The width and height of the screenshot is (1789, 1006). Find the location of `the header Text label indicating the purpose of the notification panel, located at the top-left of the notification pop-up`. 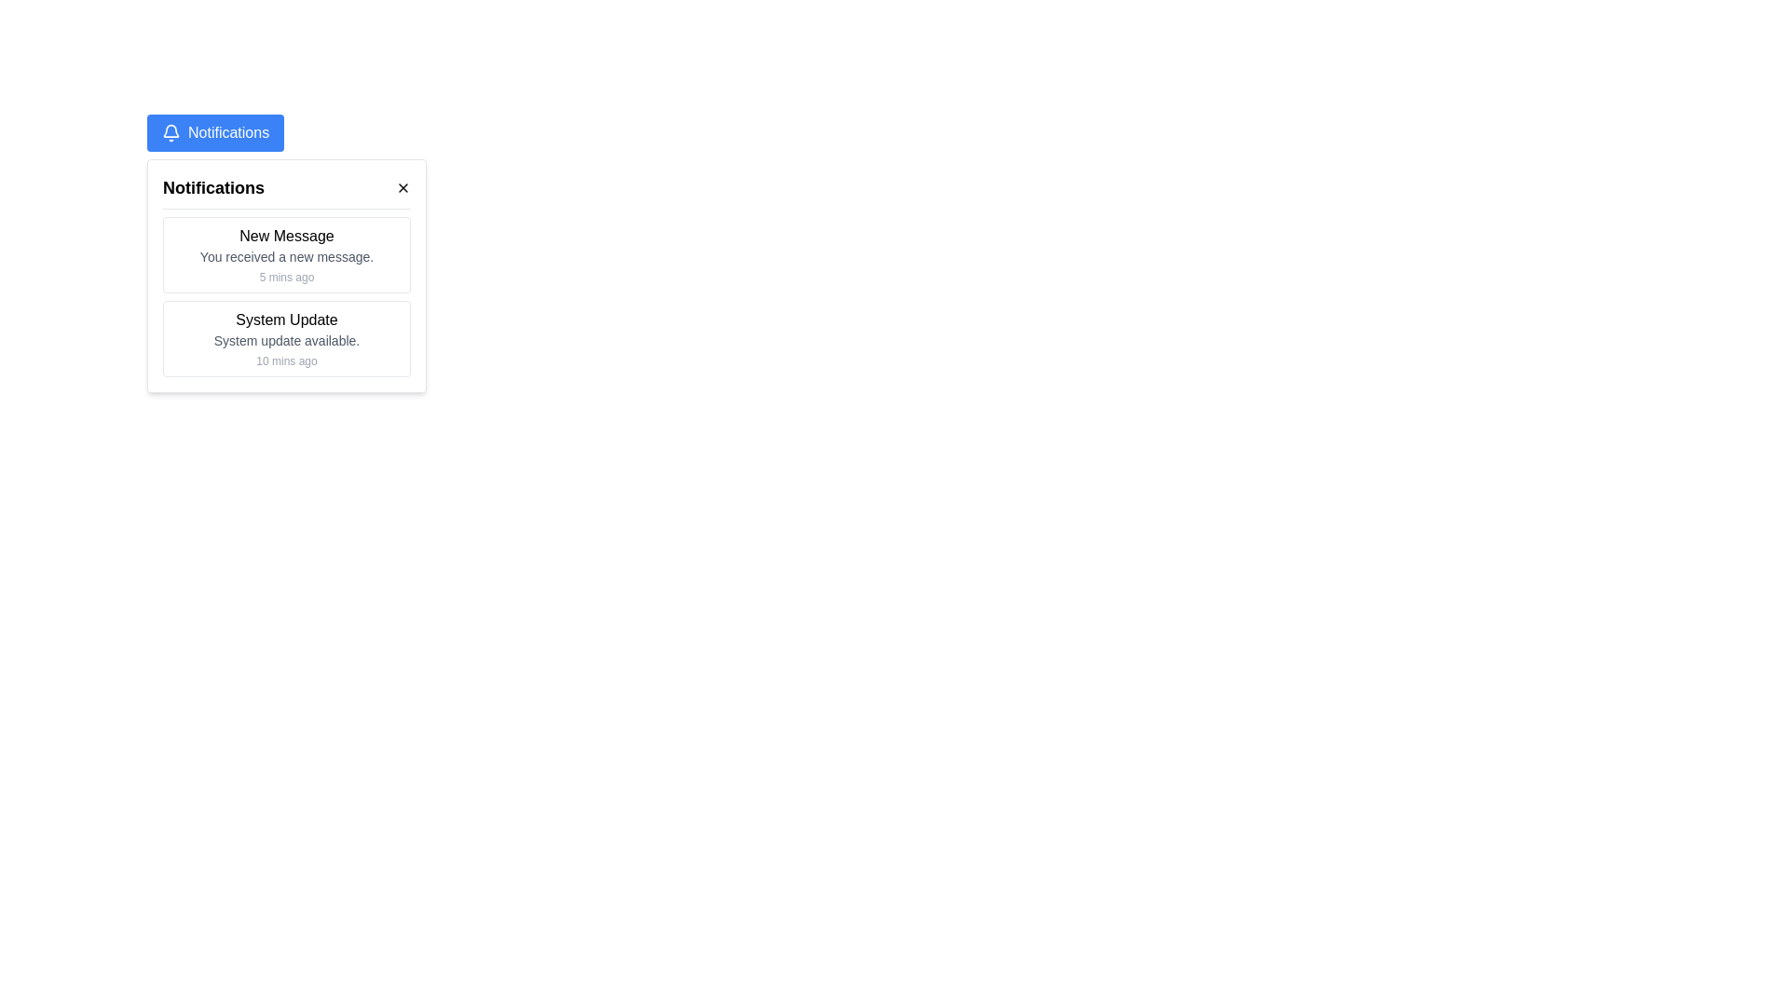

the header Text label indicating the purpose of the notification panel, located at the top-left of the notification pop-up is located at coordinates (213, 187).